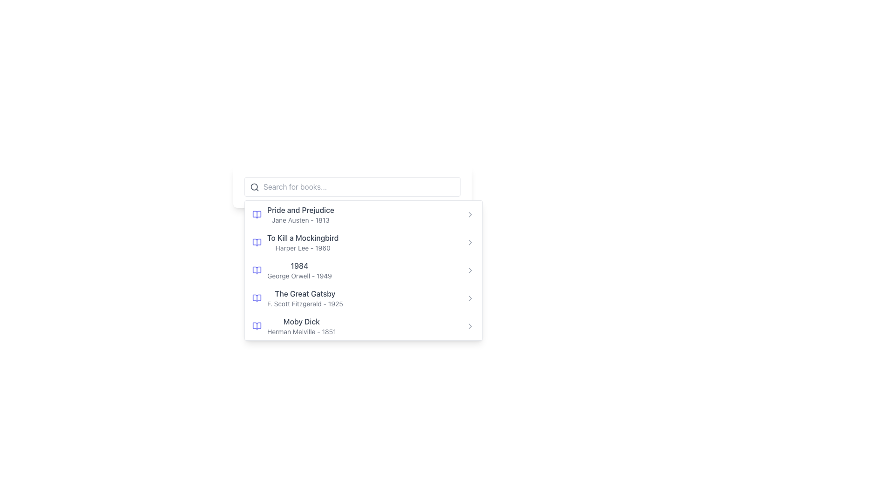 This screenshot has height=502, width=894. What do you see at coordinates (470, 242) in the screenshot?
I see `the rightward pointing chevron icon located at the far right of the list item for 'To Kill a Mockingbird' by Harper Lee` at bounding box center [470, 242].